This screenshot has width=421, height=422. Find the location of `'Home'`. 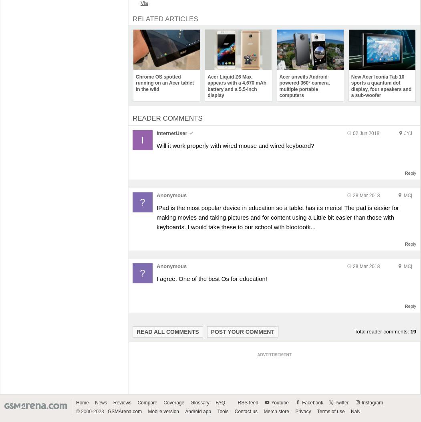

'Home' is located at coordinates (76, 402).